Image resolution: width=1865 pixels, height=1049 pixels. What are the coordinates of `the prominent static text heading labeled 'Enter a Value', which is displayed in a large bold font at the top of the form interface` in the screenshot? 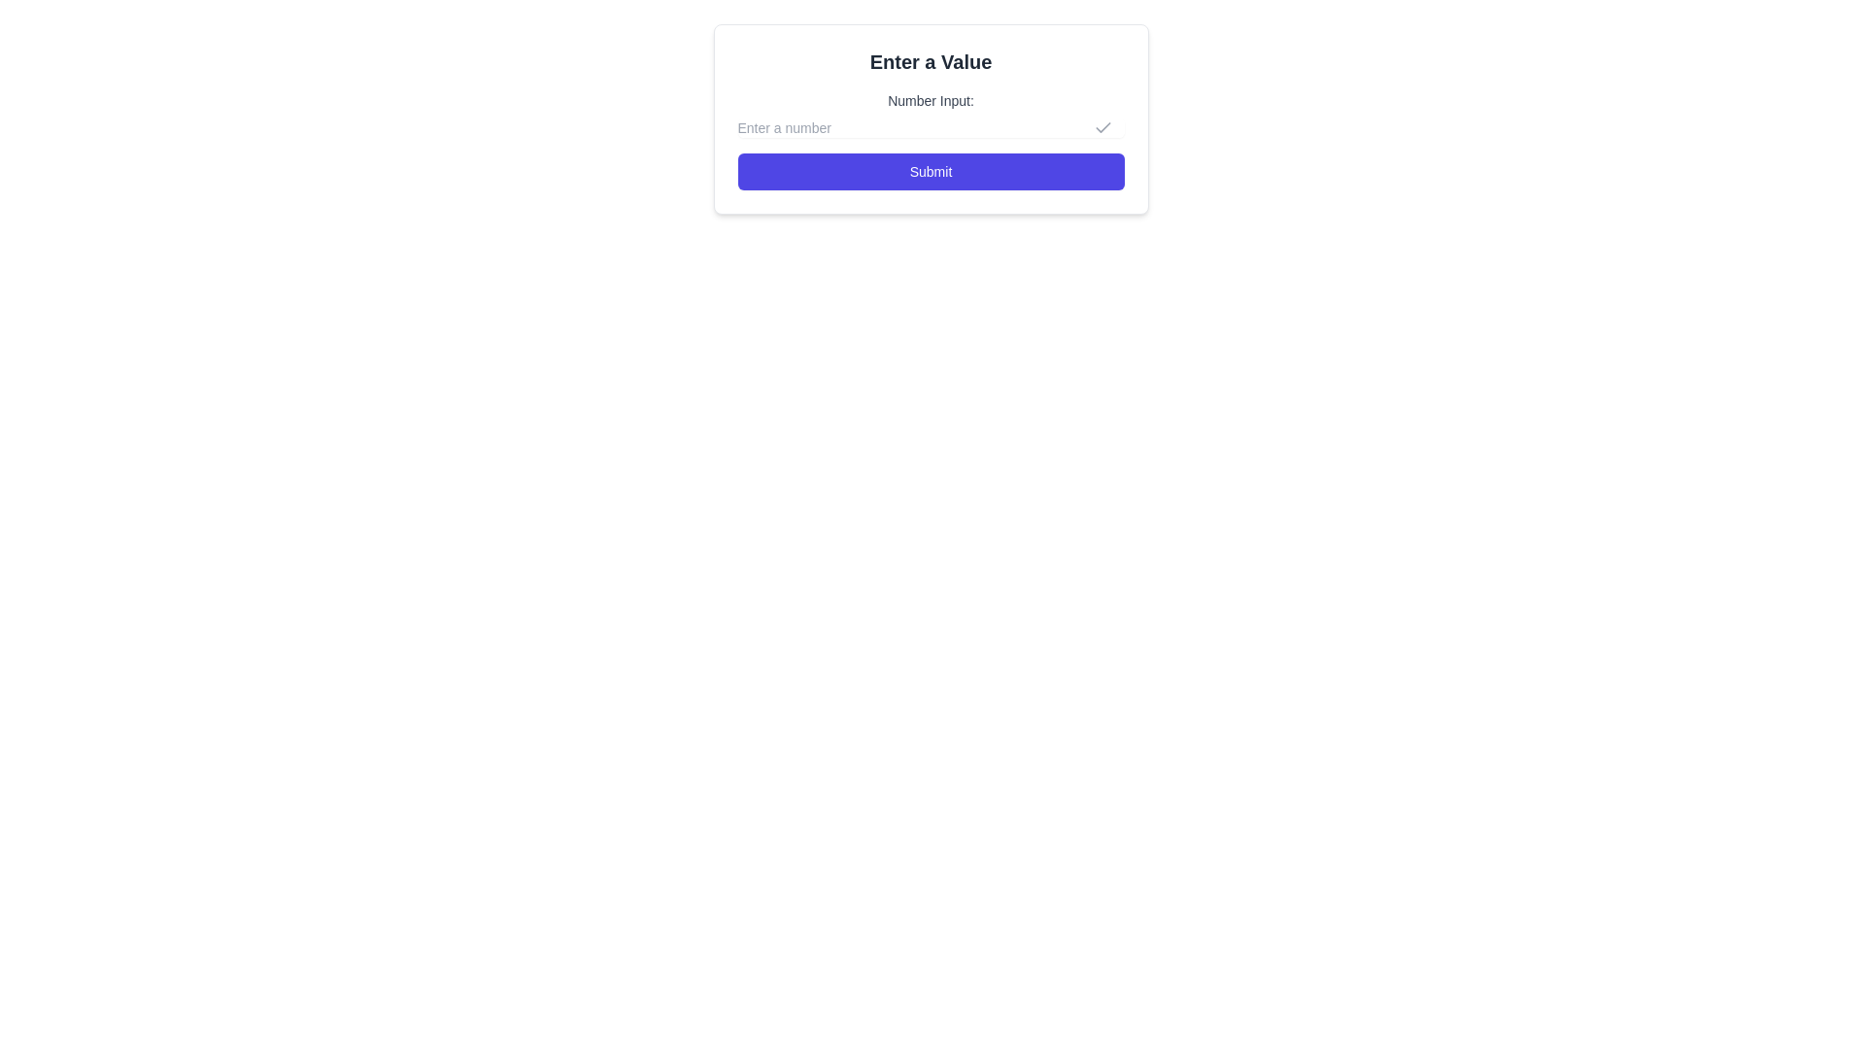 It's located at (930, 61).